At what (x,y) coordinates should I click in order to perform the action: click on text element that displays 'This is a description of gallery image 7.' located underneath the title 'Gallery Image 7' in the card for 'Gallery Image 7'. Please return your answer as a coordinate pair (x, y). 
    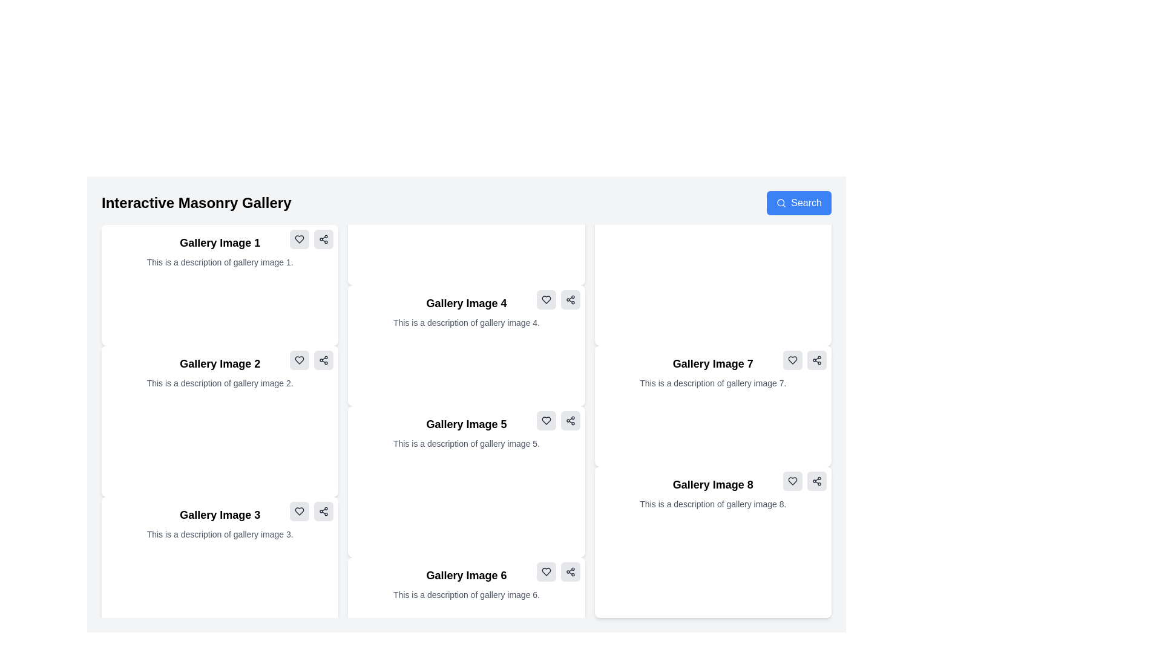
    Looking at the image, I should click on (713, 383).